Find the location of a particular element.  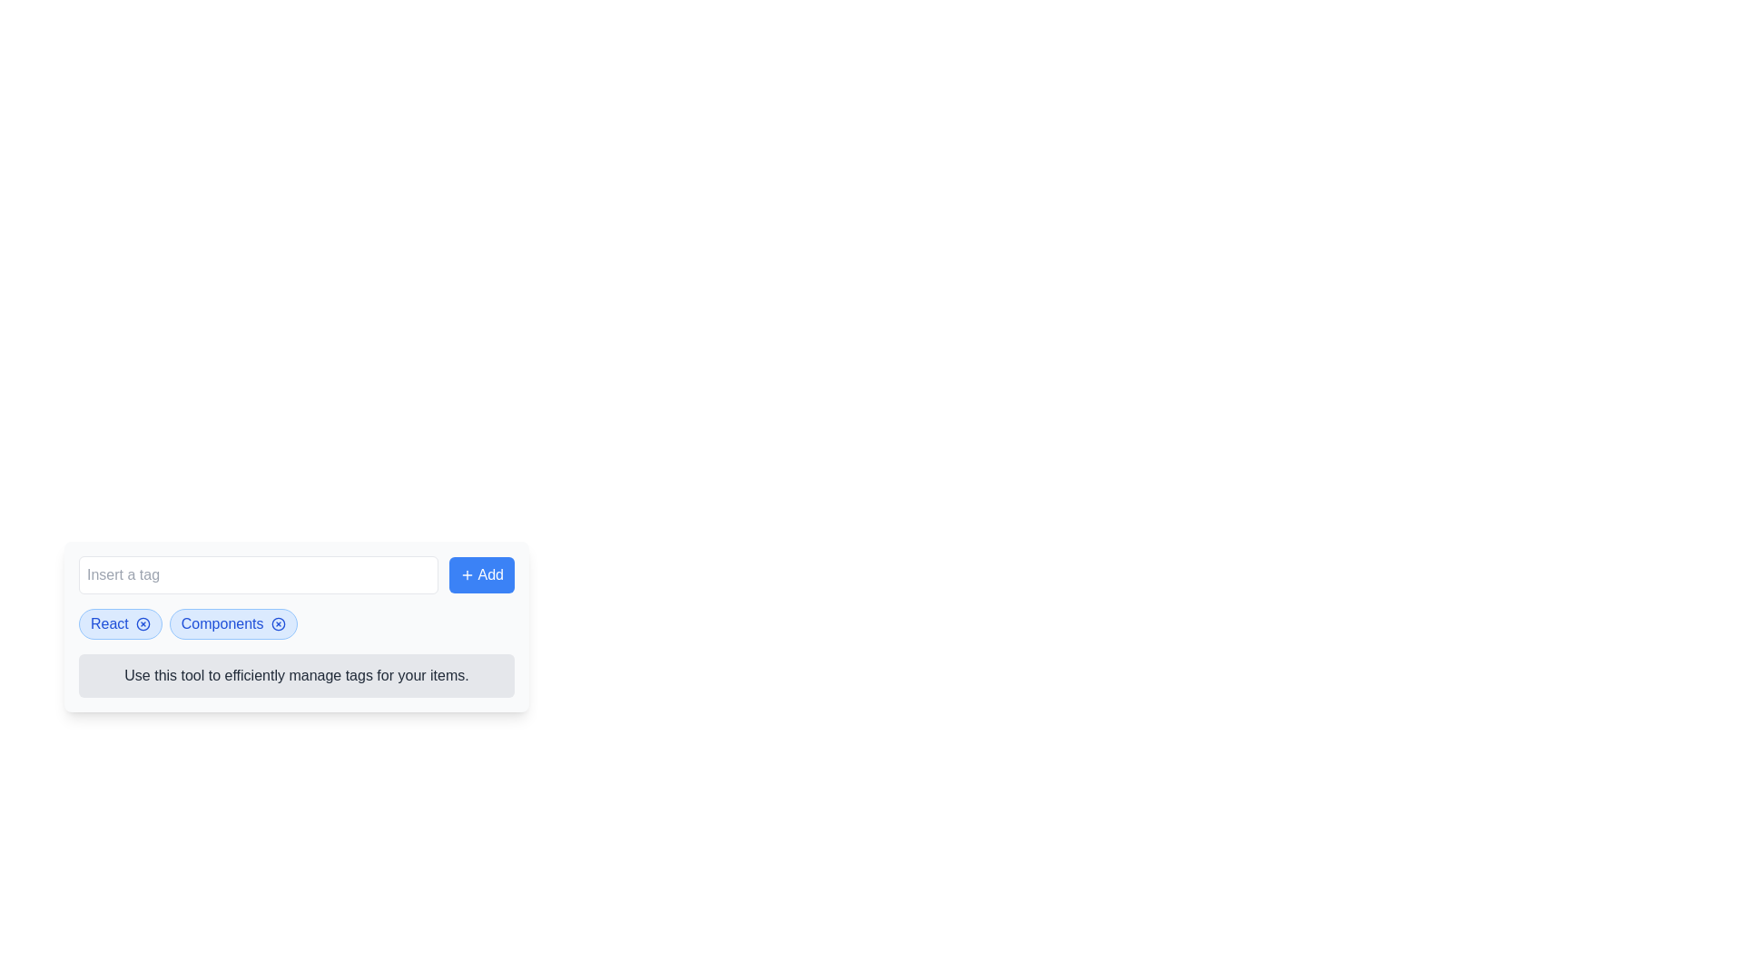

the Close button (icon-based) within the 'React' tag to change its appearance is located at coordinates (142, 622).